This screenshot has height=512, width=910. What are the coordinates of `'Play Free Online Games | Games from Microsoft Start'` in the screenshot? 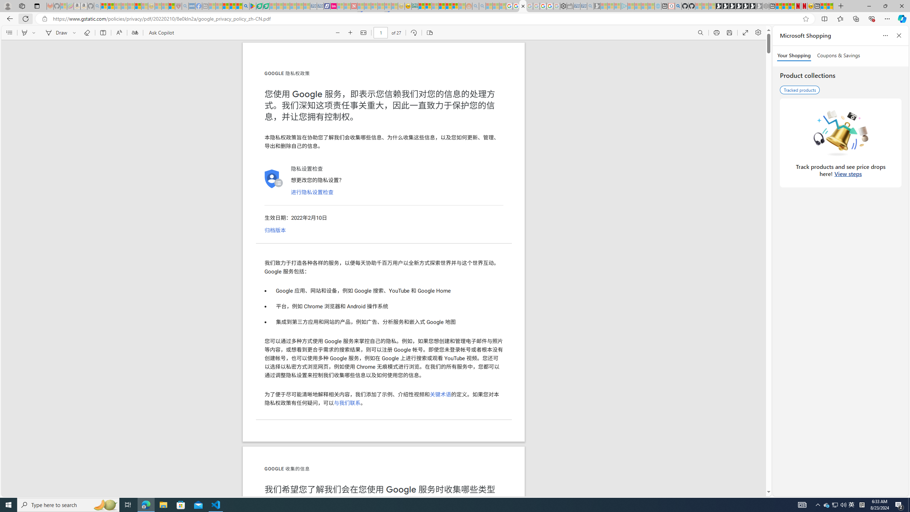 It's located at (718, 6).